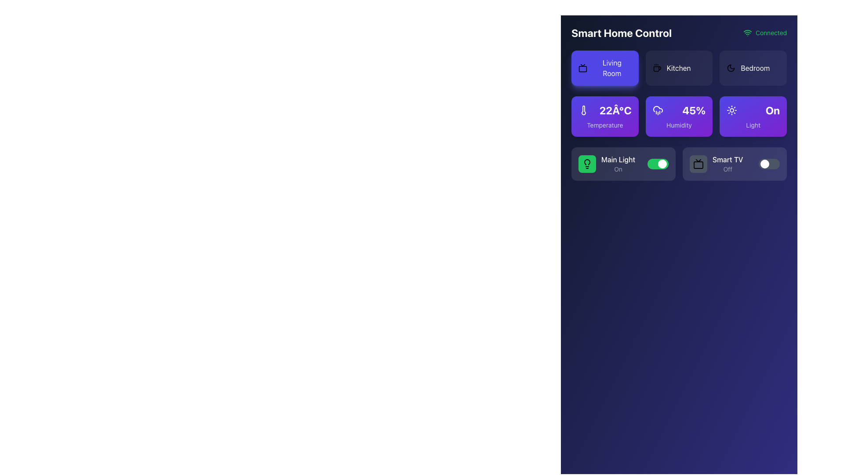 The image size is (844, 475). Describe the element at coordinates (604, 116) in the screenshot. I see `the Information Card displaying temperature, located in the first column of the grid beneath the header section` at that location.